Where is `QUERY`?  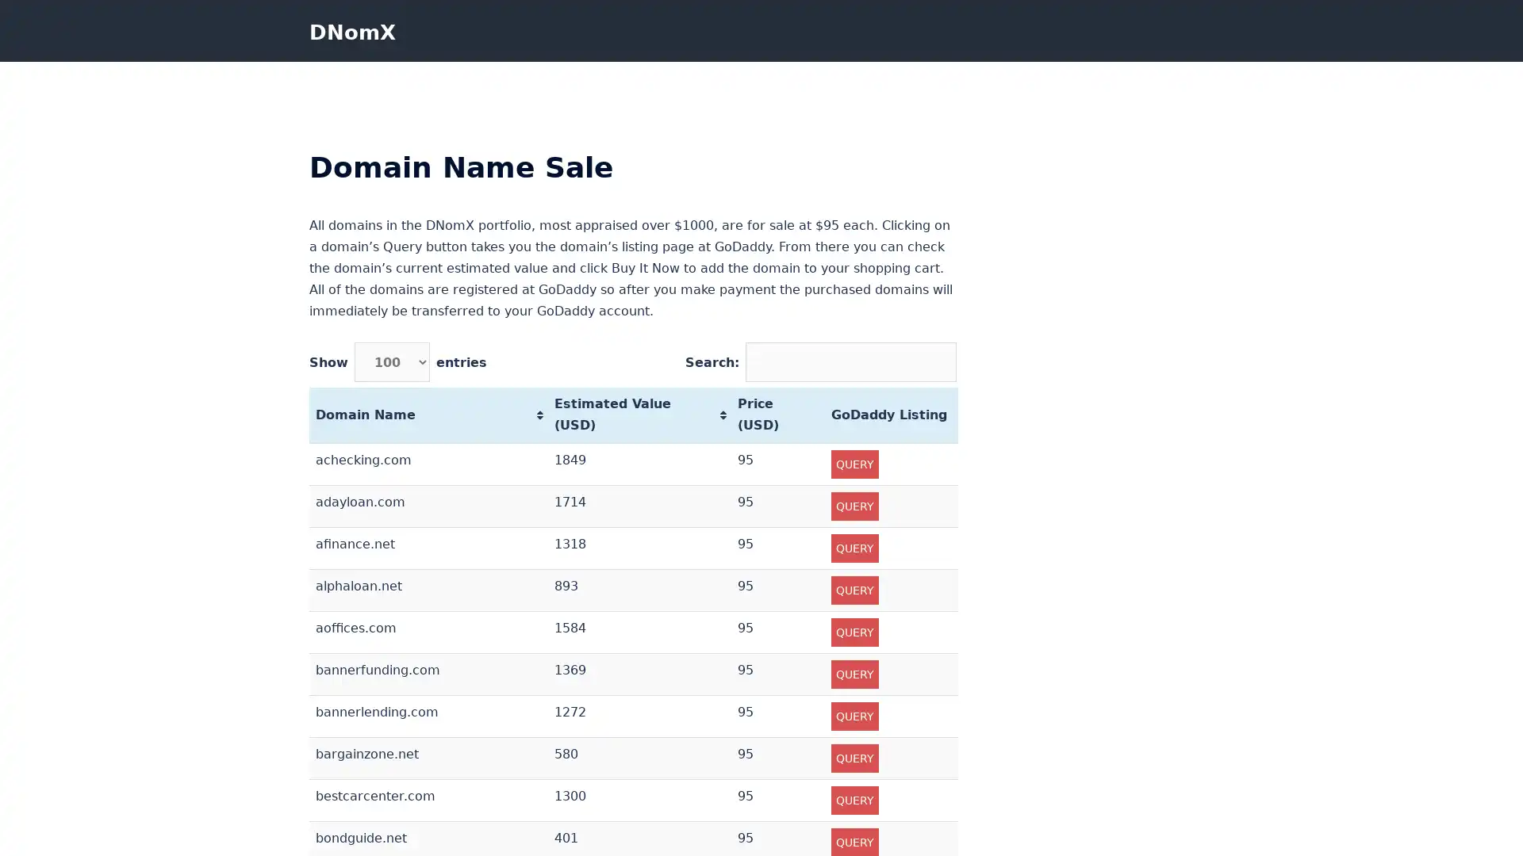 QUERY is located at coordinates (853, 716).